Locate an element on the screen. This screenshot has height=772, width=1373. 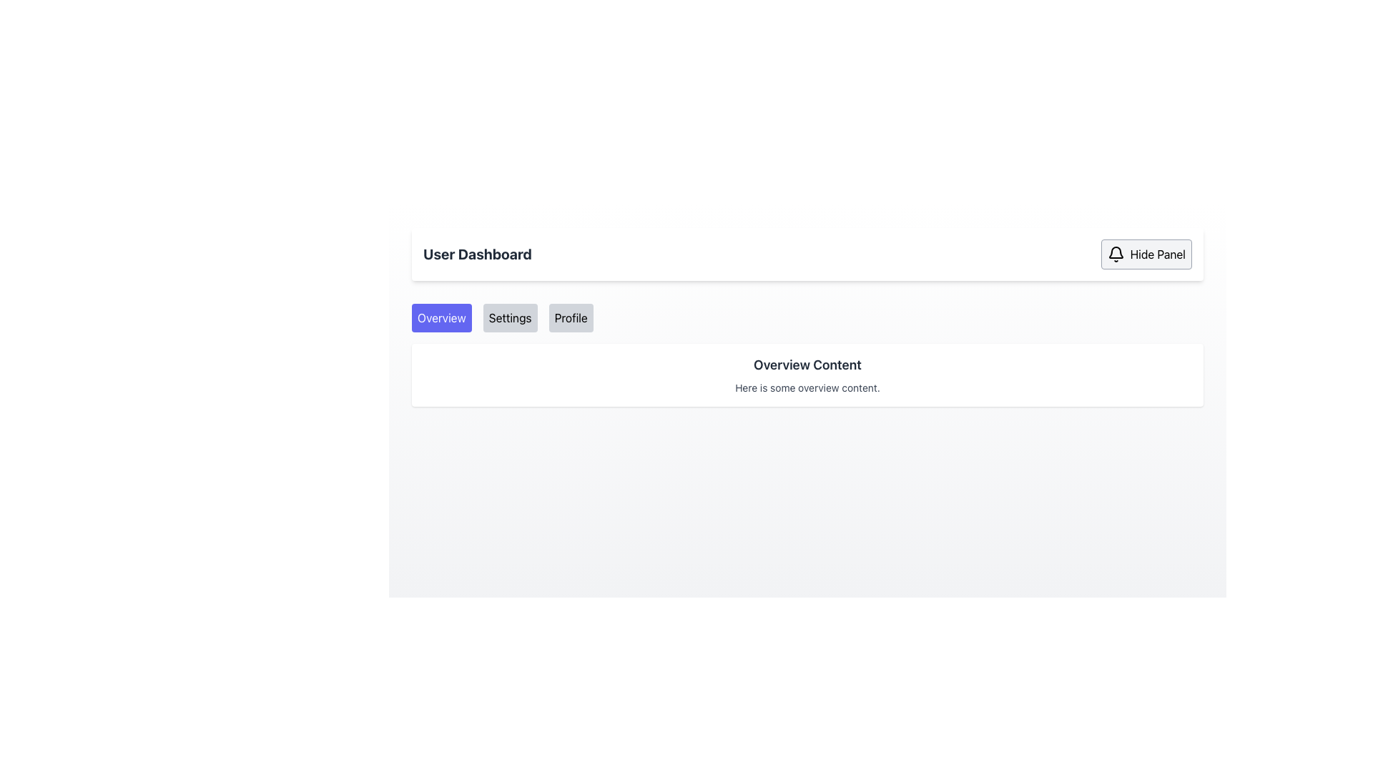
the 'Settings' button, which is a rectangular button with a light gray background and bold black text, located in the navigation bar beneath 'User Dashboard' is located at coordinates (510, 317).